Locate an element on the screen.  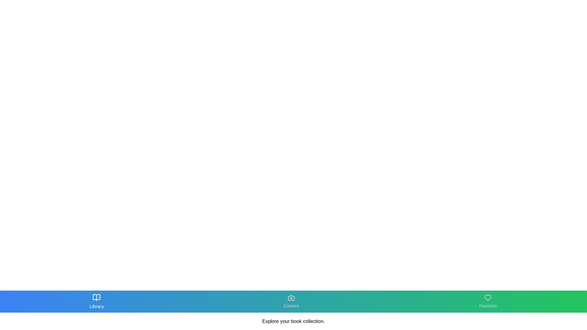
the Favorites tab in the navigation bar is located at coordinates (488, 301).